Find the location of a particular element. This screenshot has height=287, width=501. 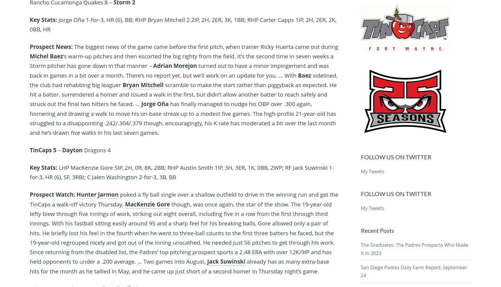

'Recent Posts' is located at coordinates (377, 230).